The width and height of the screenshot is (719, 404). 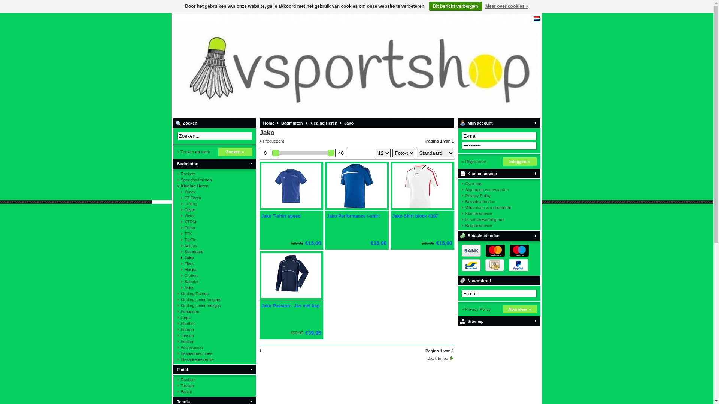 I want to click on 'Accessoires', so click(x=213, y=348).